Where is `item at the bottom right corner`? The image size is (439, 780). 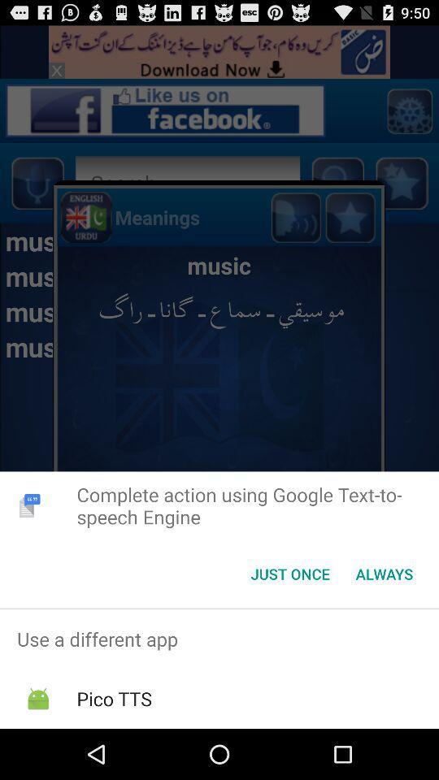
item at the bottom right corner is located at coordinates (384, 574).